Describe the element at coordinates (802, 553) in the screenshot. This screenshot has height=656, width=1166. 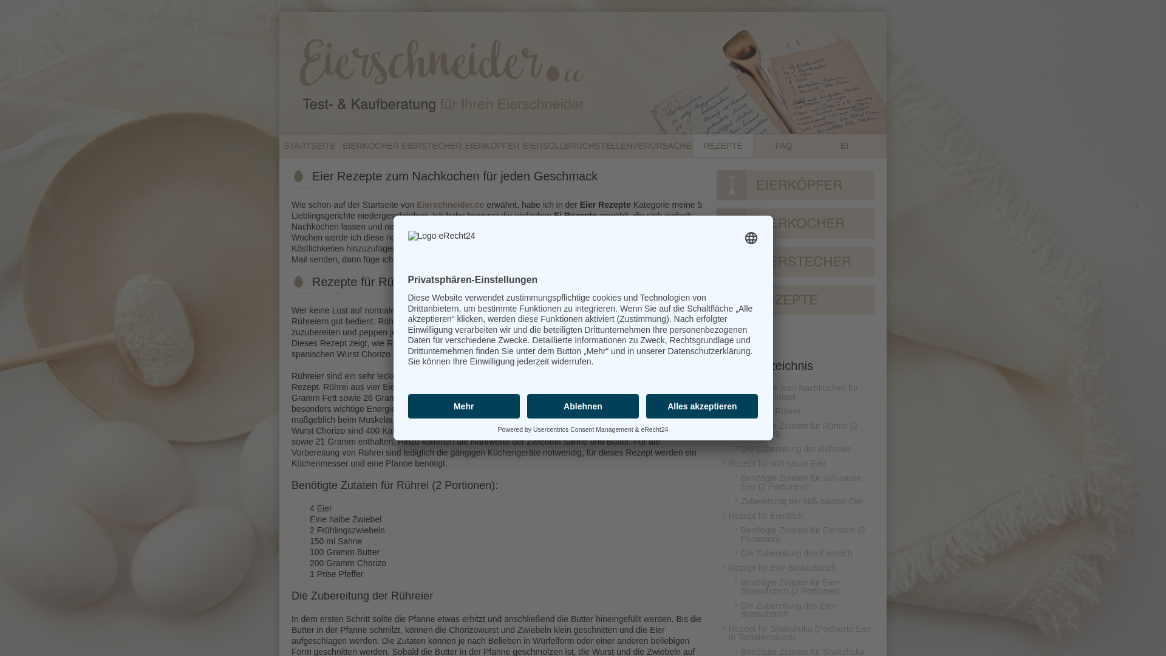
I see `'Die Zubereitung des Eierstich'` at that location.